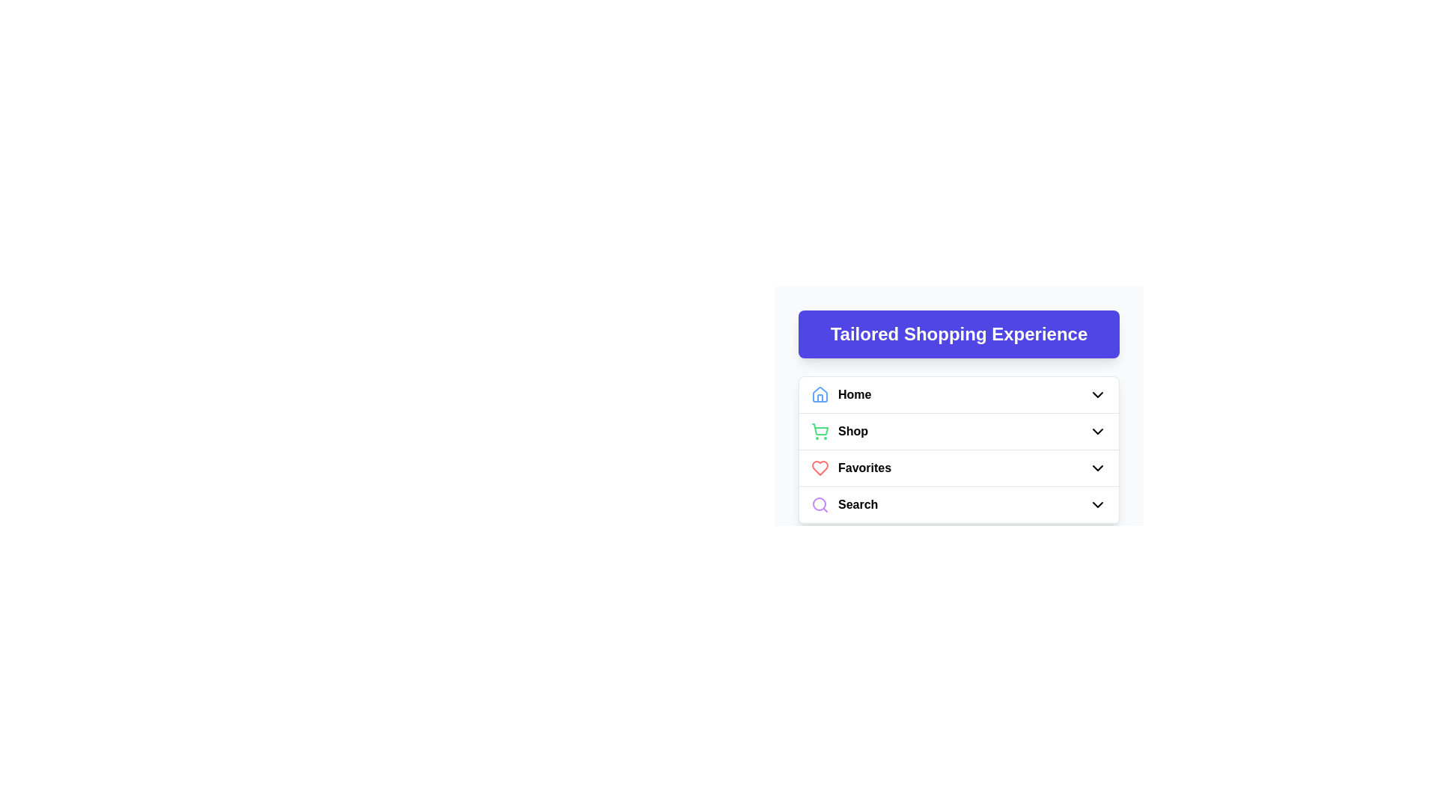  What do you see at coordinates (818, 504) in the screenshot?
I see `the circular lens part of the magnifying glass icon, which is located in the 'Search' menu item of the vertical navigation list` at bounding box center [818, 504].